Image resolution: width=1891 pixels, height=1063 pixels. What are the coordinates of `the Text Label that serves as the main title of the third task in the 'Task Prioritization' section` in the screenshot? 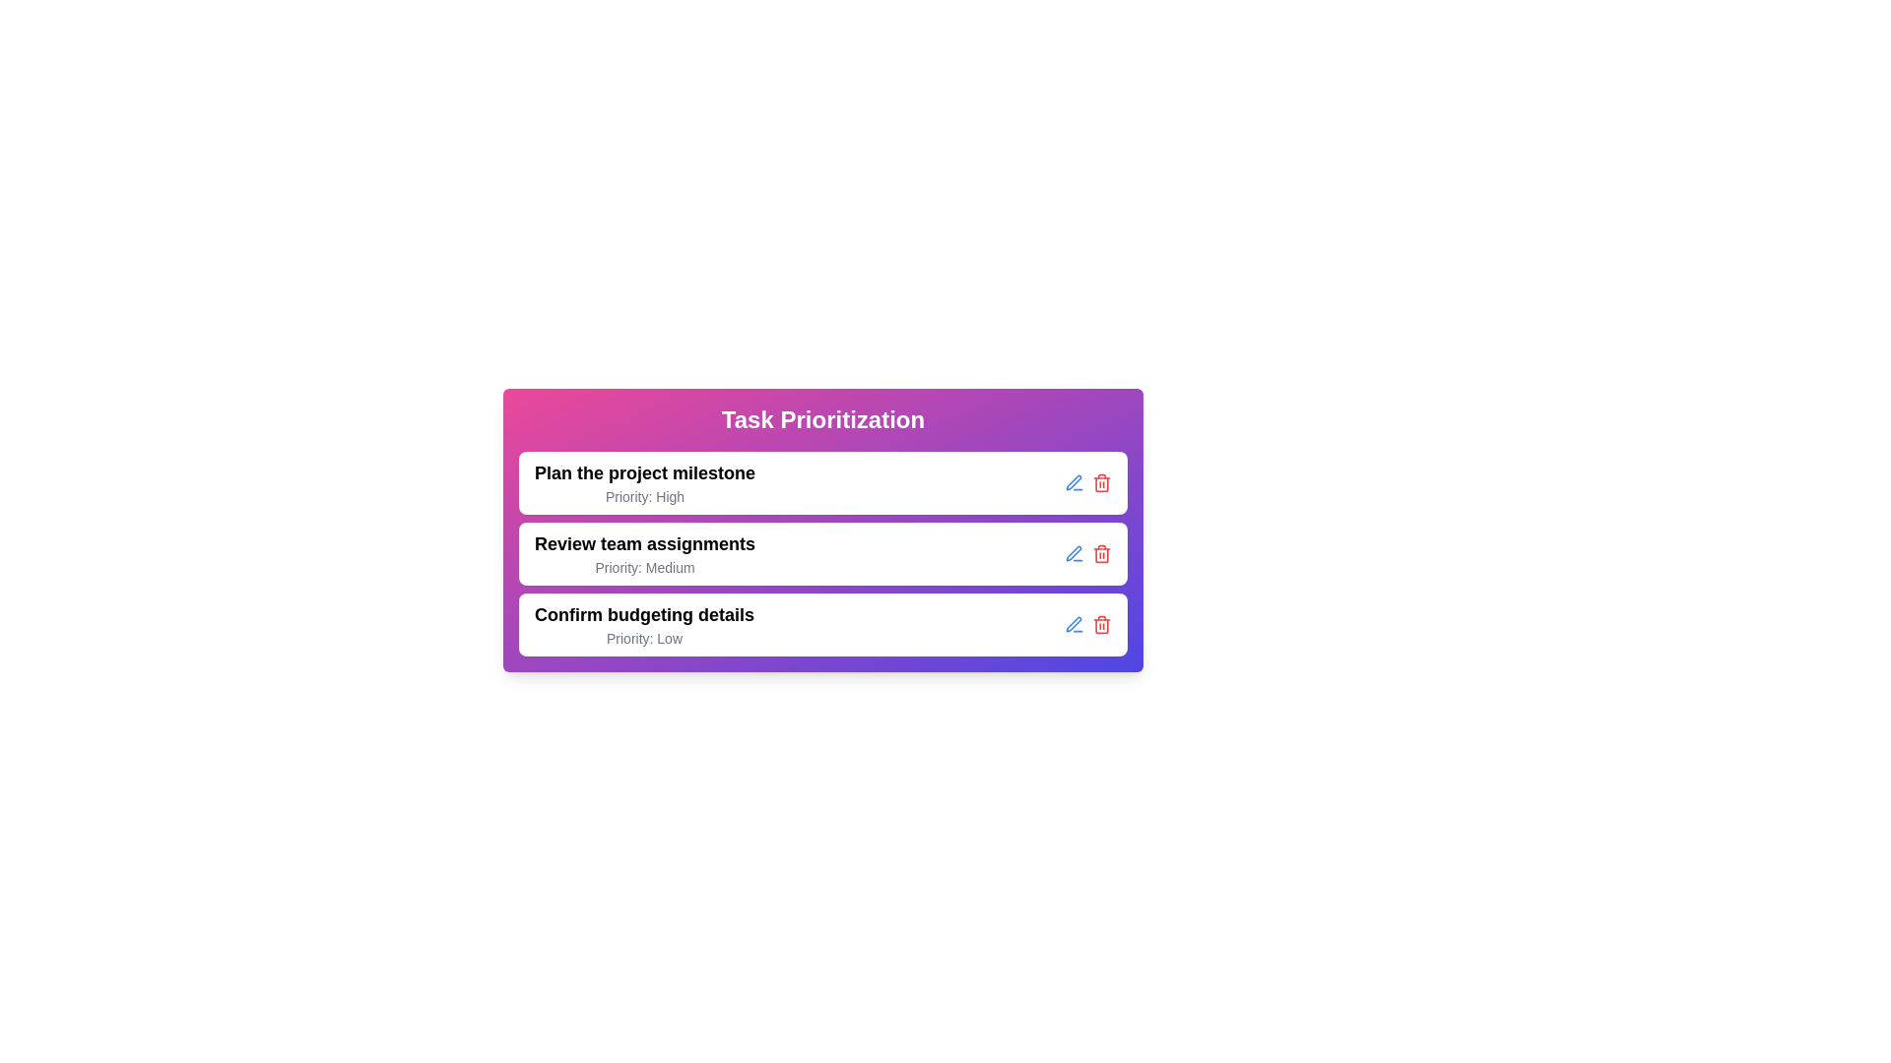 It's located at (644, 613).